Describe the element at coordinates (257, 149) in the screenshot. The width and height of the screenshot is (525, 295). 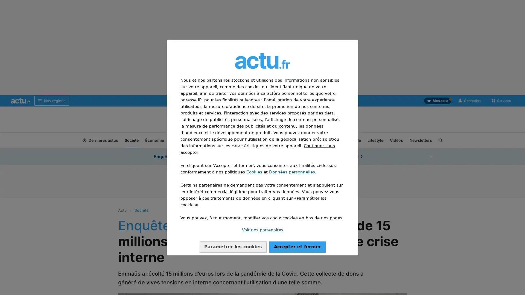
I see `Continuer sans accepter` at that location.